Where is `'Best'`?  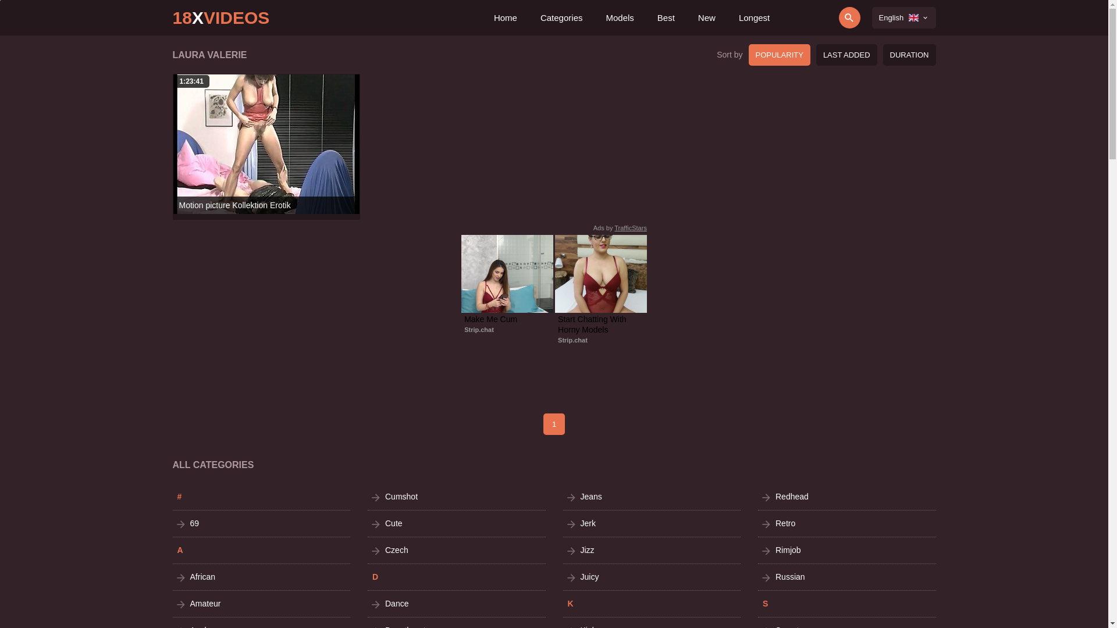
'Best' is located at coordinates (657, 17).